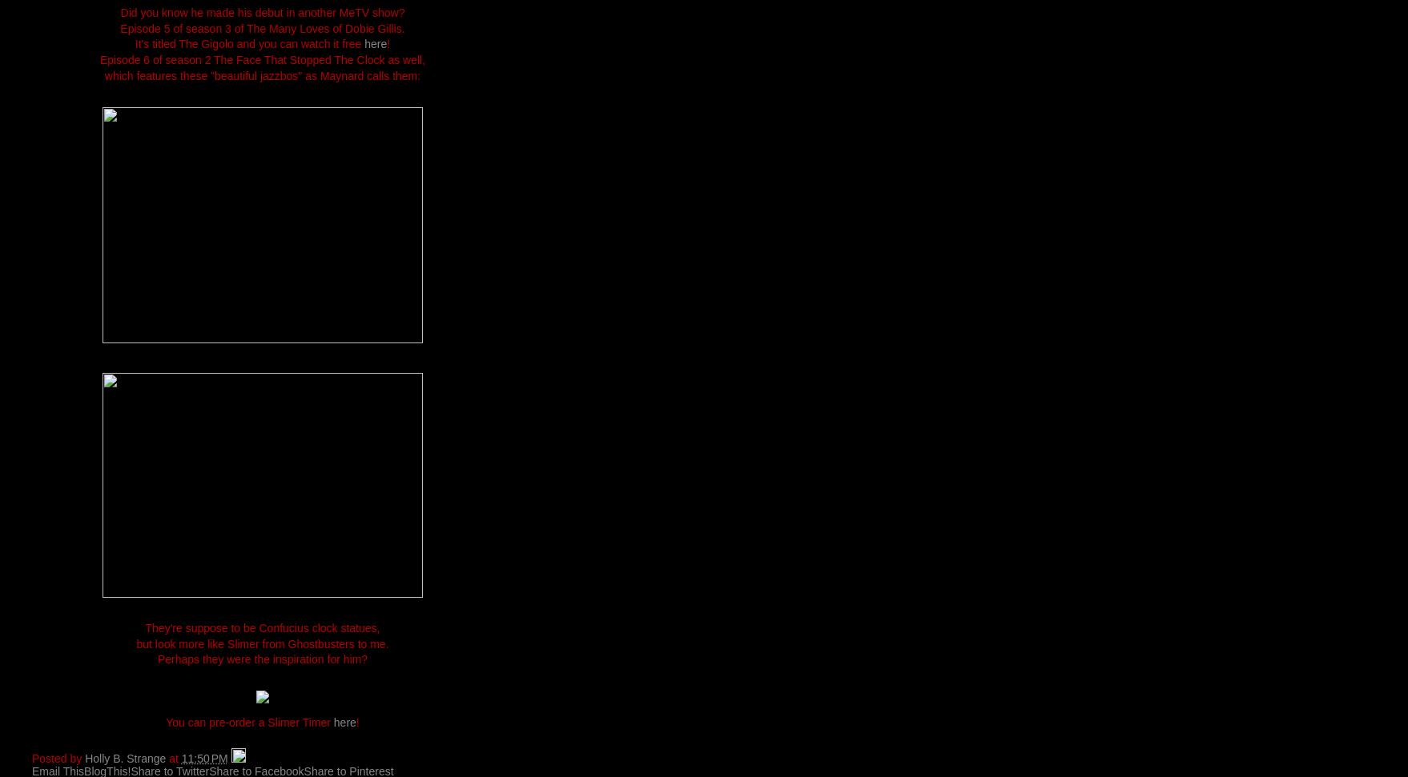  Describe the element at coordinates (249, 43) in the screenshot. I see `'It's titled The Gigolo and you can watch it free'` at that location.